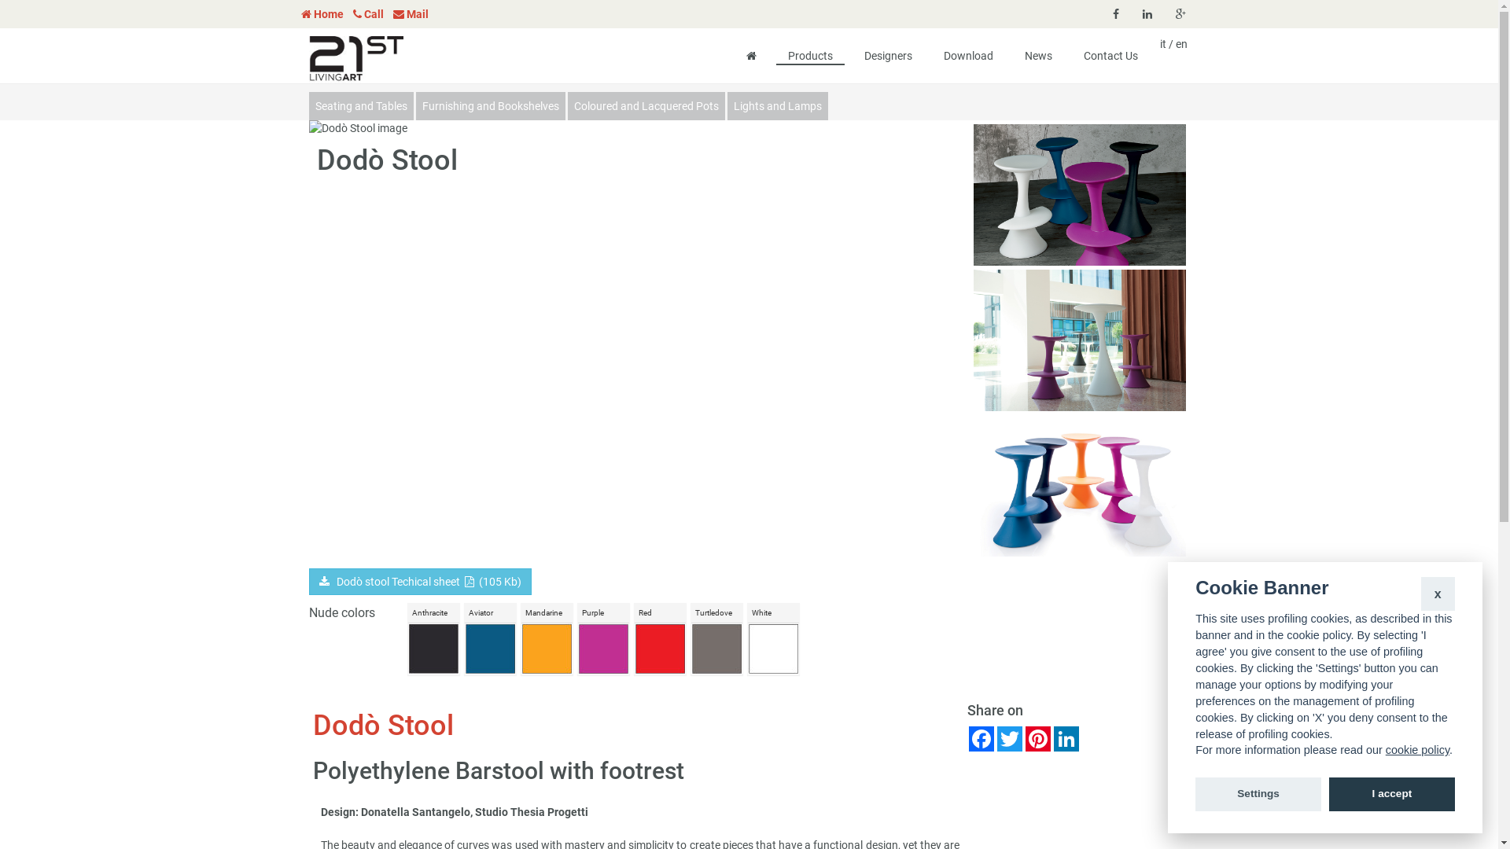 The width and height of the screenshot is (1510, 849). I want to click on 'Designers', so click(888, 45).